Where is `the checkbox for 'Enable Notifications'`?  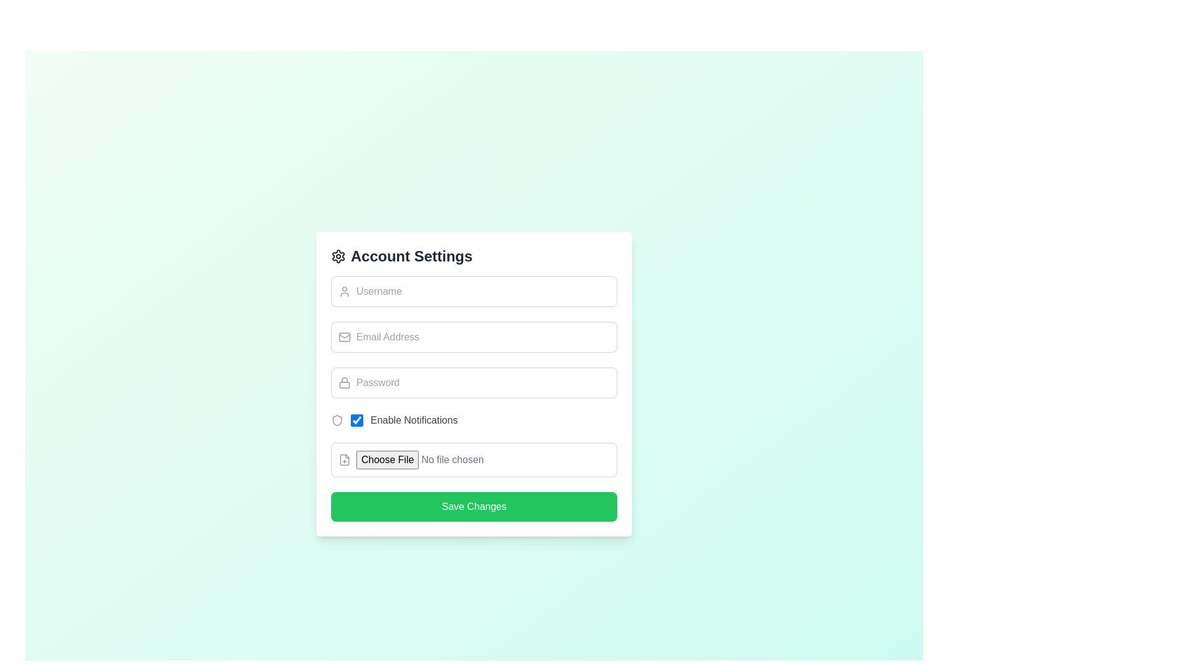
the checkbox for 'Enable Notifications' is located at coordinates (404, 420).